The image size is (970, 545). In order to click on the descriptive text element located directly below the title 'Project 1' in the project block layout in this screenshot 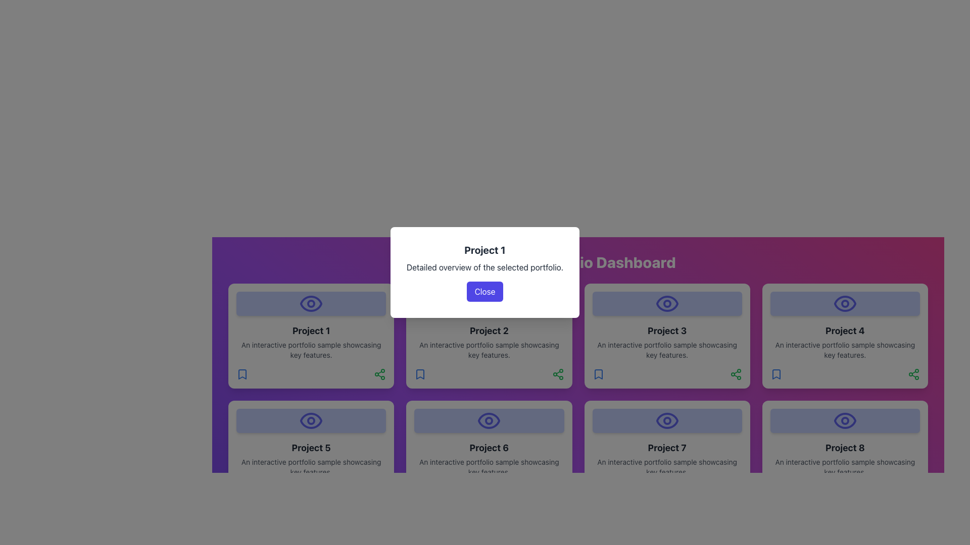, I will do `click(311, 350)`.